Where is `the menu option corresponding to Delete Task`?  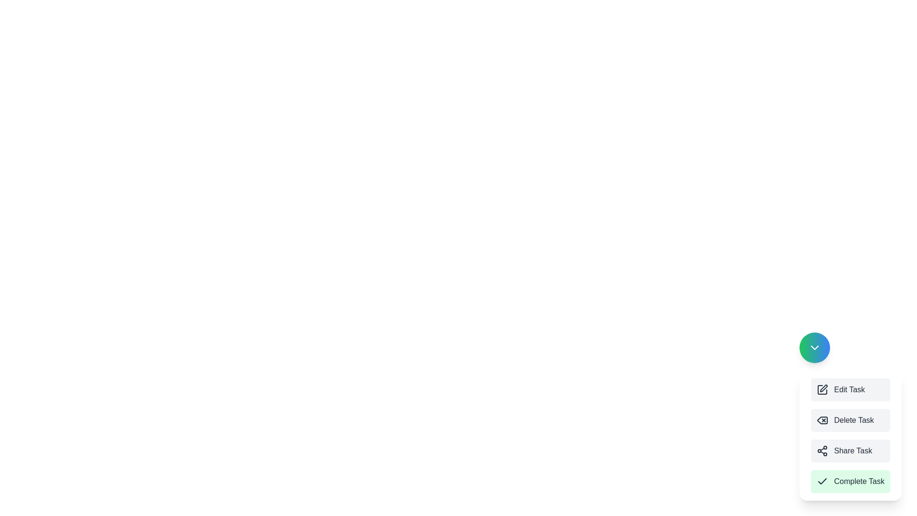
the menu option corresponding to Delete Task is located at coordinates (851, 419).